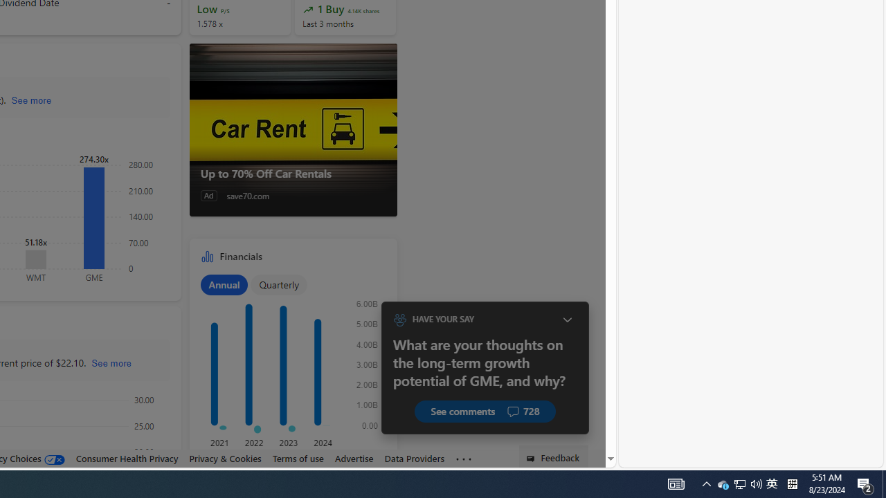 The image size is (886, 498). Describe the element at coordinates (289, 367) in the screenshot. I see `'Class: chartSvg'` at that location.